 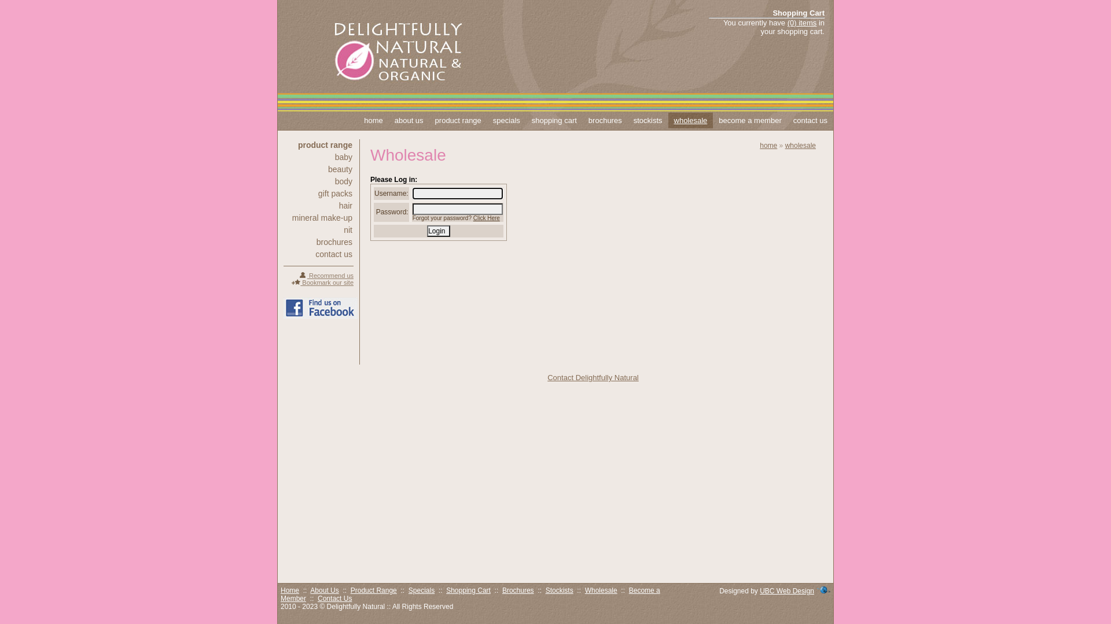 What do you see at coordinates (668, 120) in the screenshot?
I see `'wholesale'` at bounding box center [668, 120].